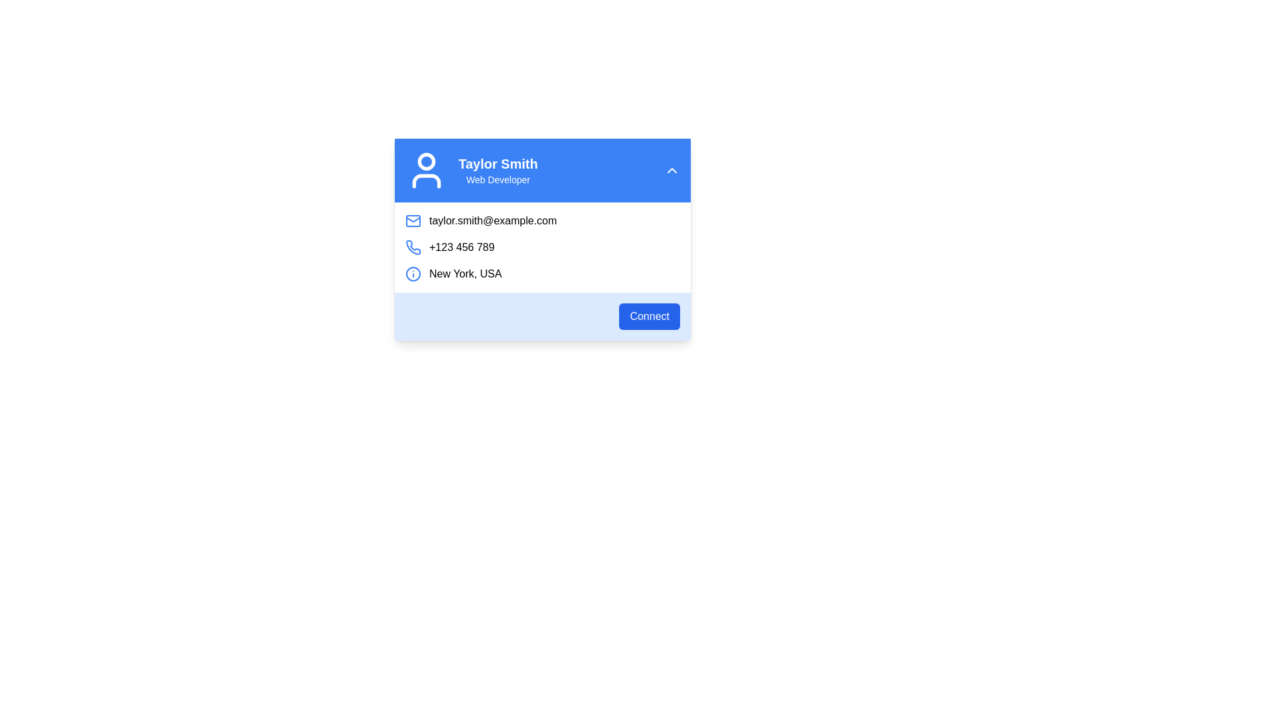 The image size is (1274, 717). What do you see at coordinates (413, 220) in the screenshot?
I see `the SVG rectangle representing the envelope in the email information card, located to the left of the email text field labeled 'taylor.smith@example.com'` at bounding box center [413, 220].